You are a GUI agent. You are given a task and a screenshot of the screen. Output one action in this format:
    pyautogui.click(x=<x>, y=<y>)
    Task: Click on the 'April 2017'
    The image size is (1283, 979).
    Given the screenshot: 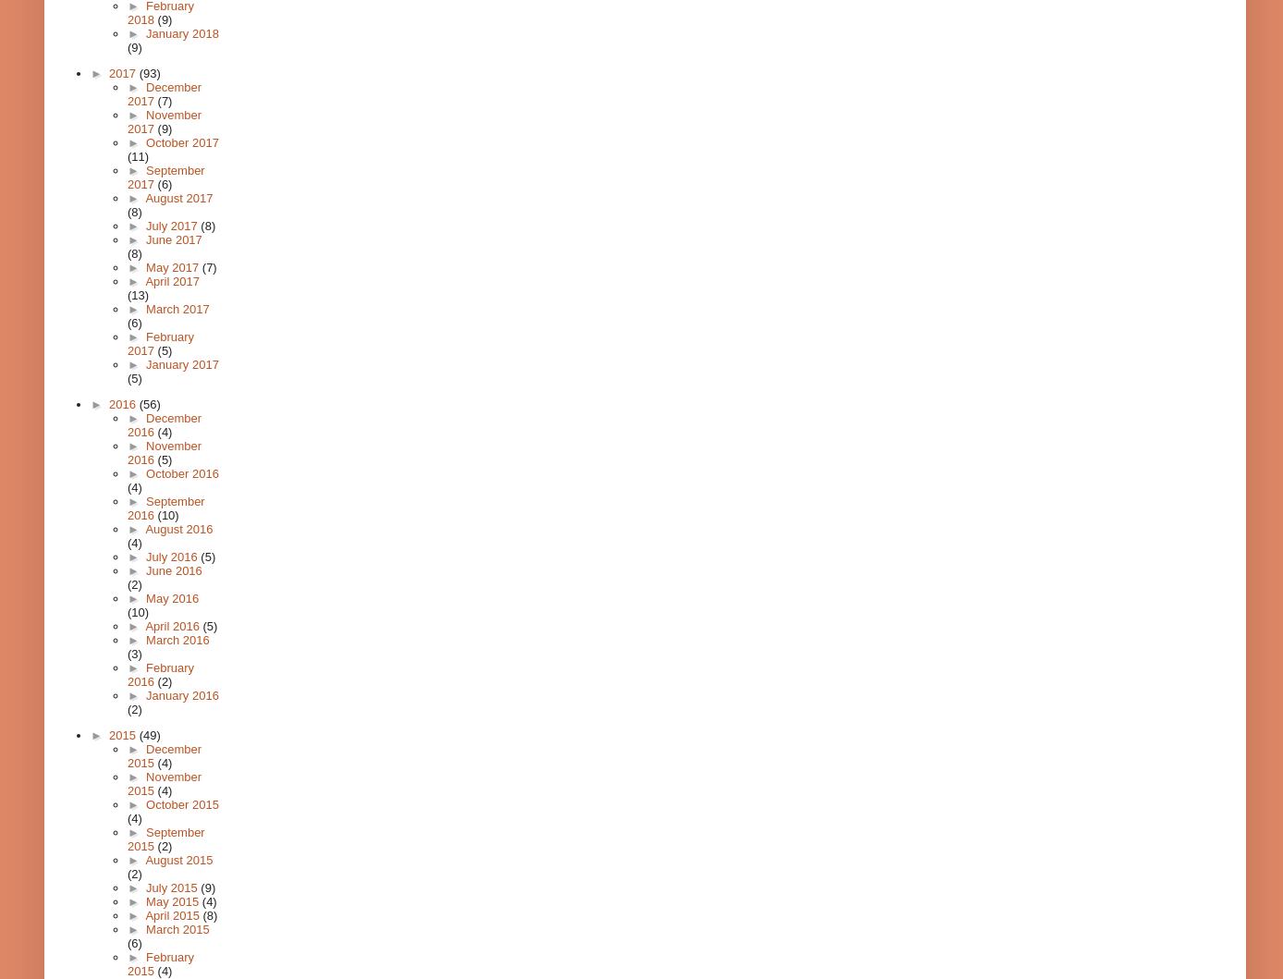 What is the action you would take?
    pyautogui.click(x=170, y=281)
    